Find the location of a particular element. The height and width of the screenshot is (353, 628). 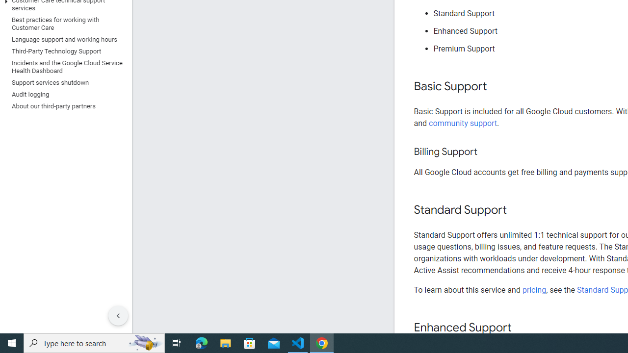

'pricing' is located at coordinates (533, 289).